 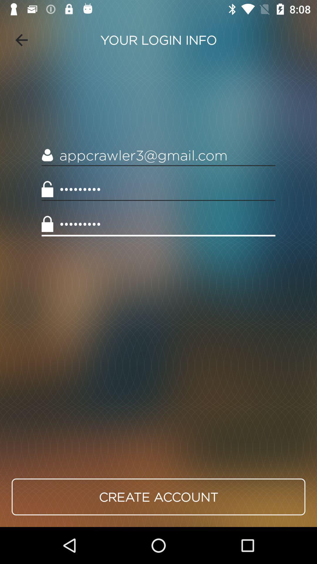 What do you see at coordinates (21, 40) in the screenshot?
I see `the app to the left of the your login info icon` at bounding box center [21, 40].